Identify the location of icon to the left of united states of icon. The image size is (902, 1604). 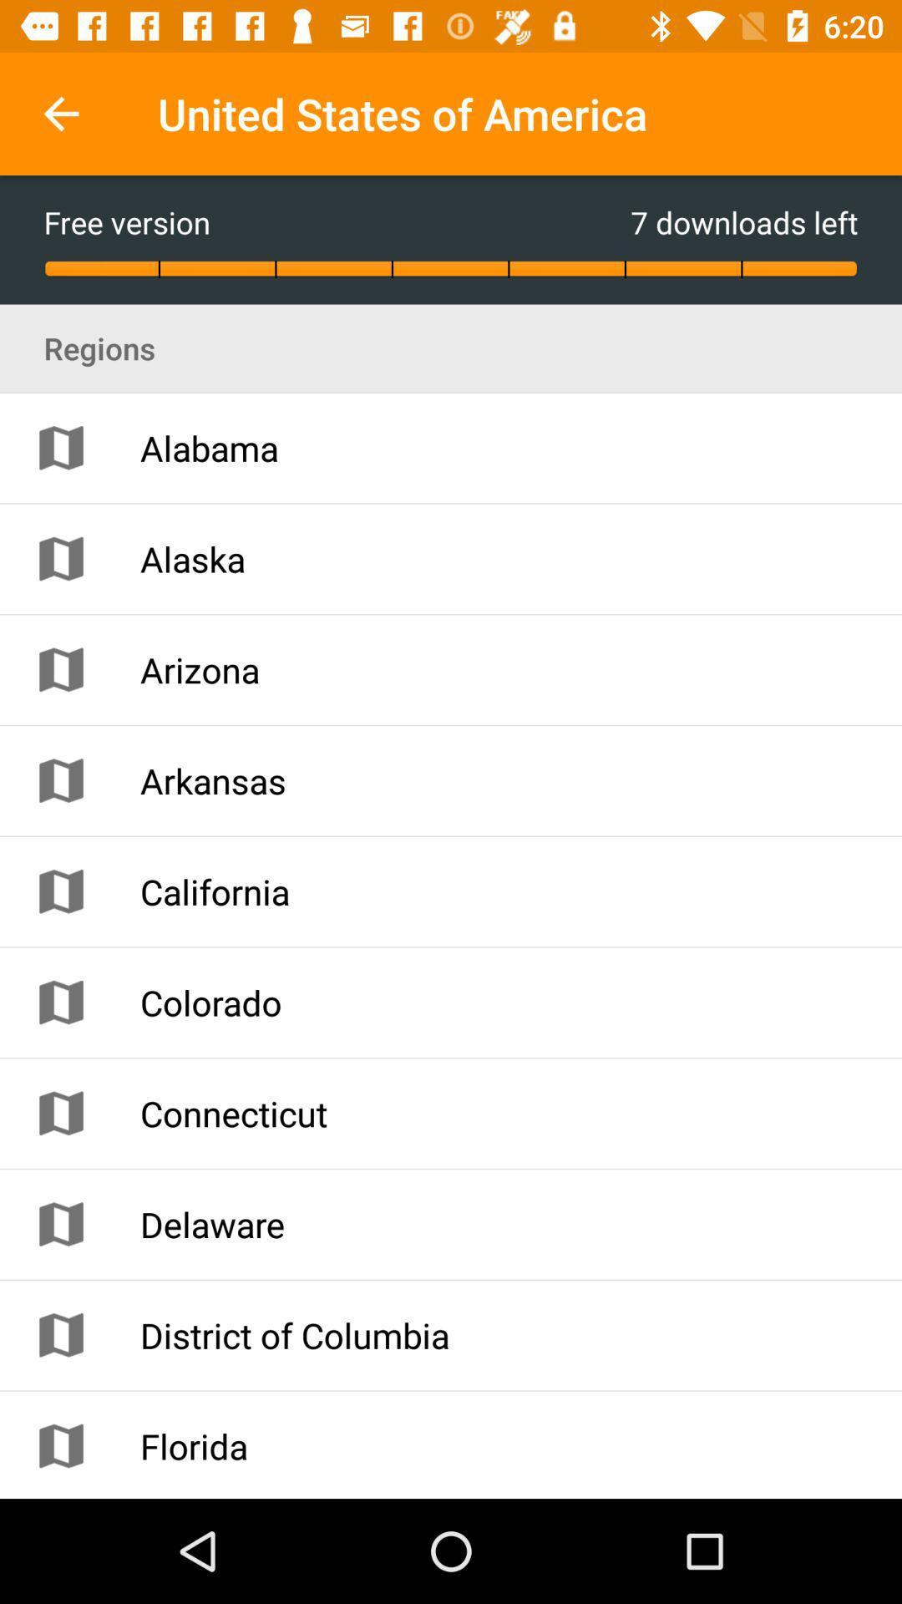
(60, 113).